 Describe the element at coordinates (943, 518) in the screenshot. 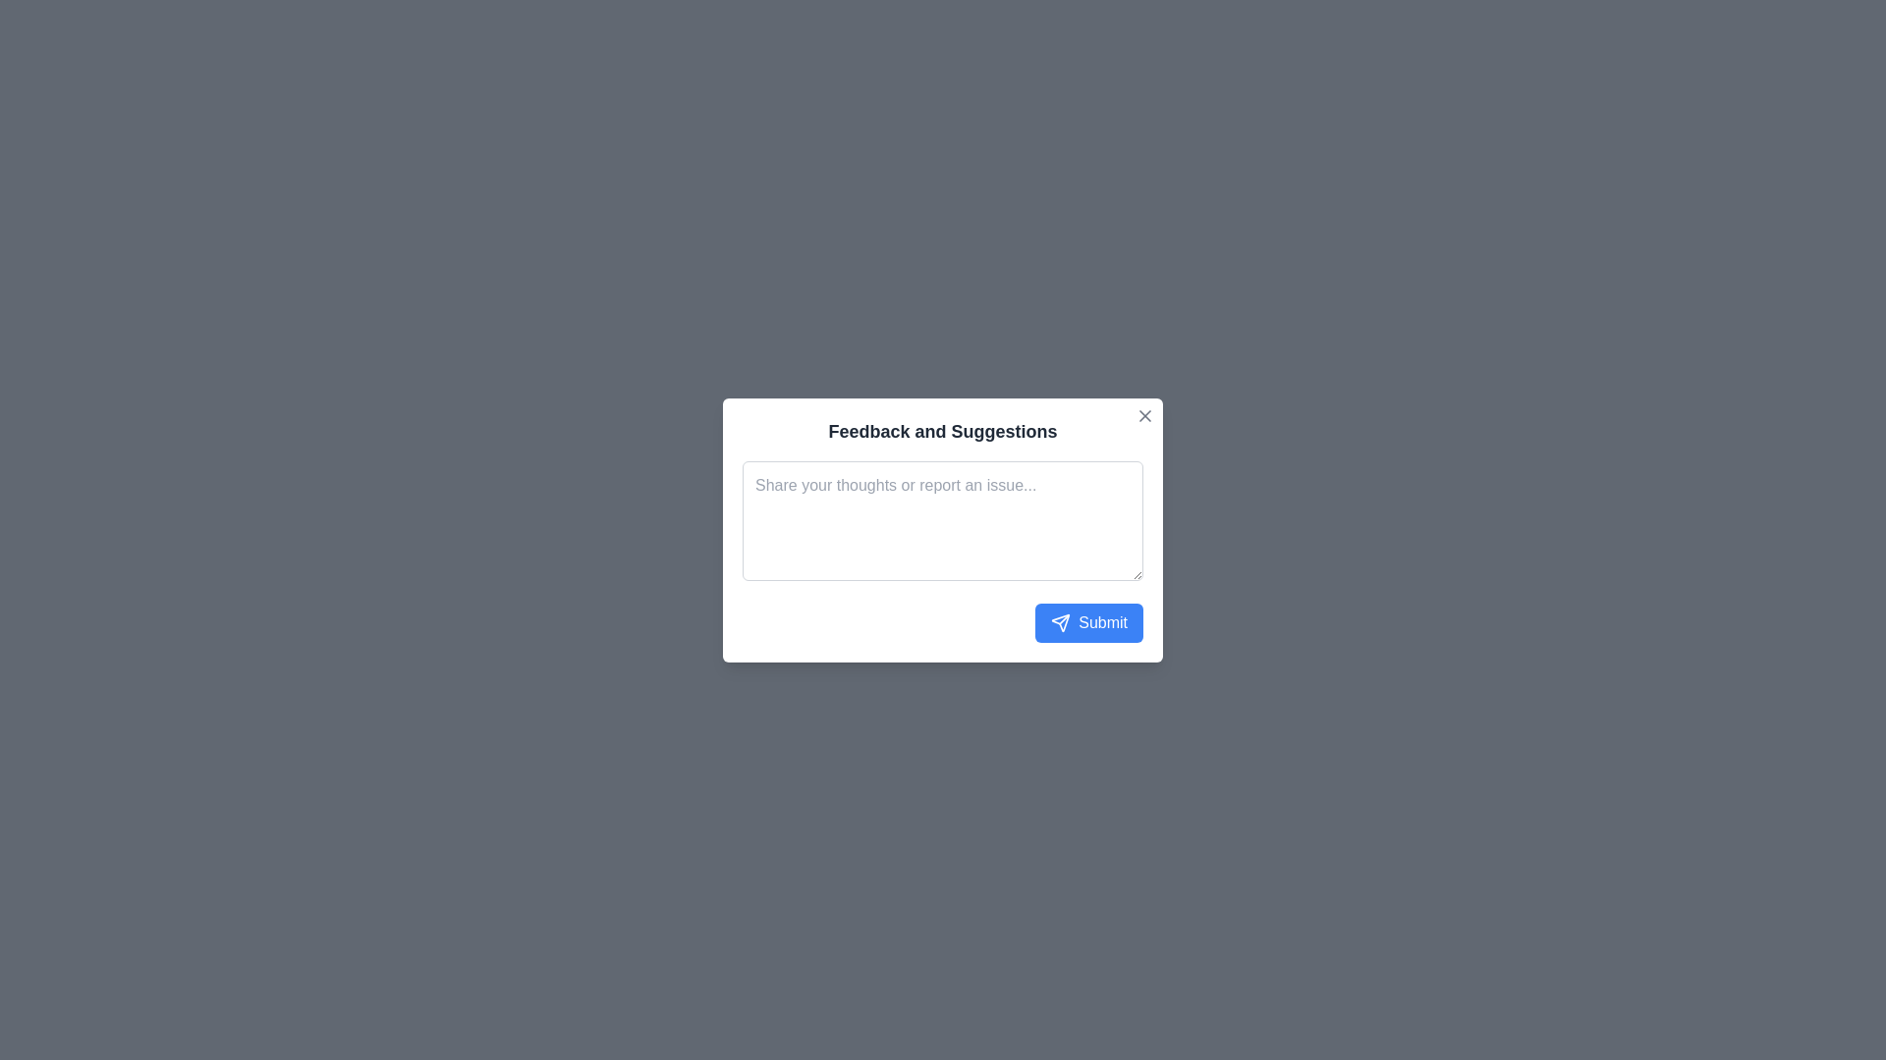

I see `the textarea and type the feedback text` at that location.